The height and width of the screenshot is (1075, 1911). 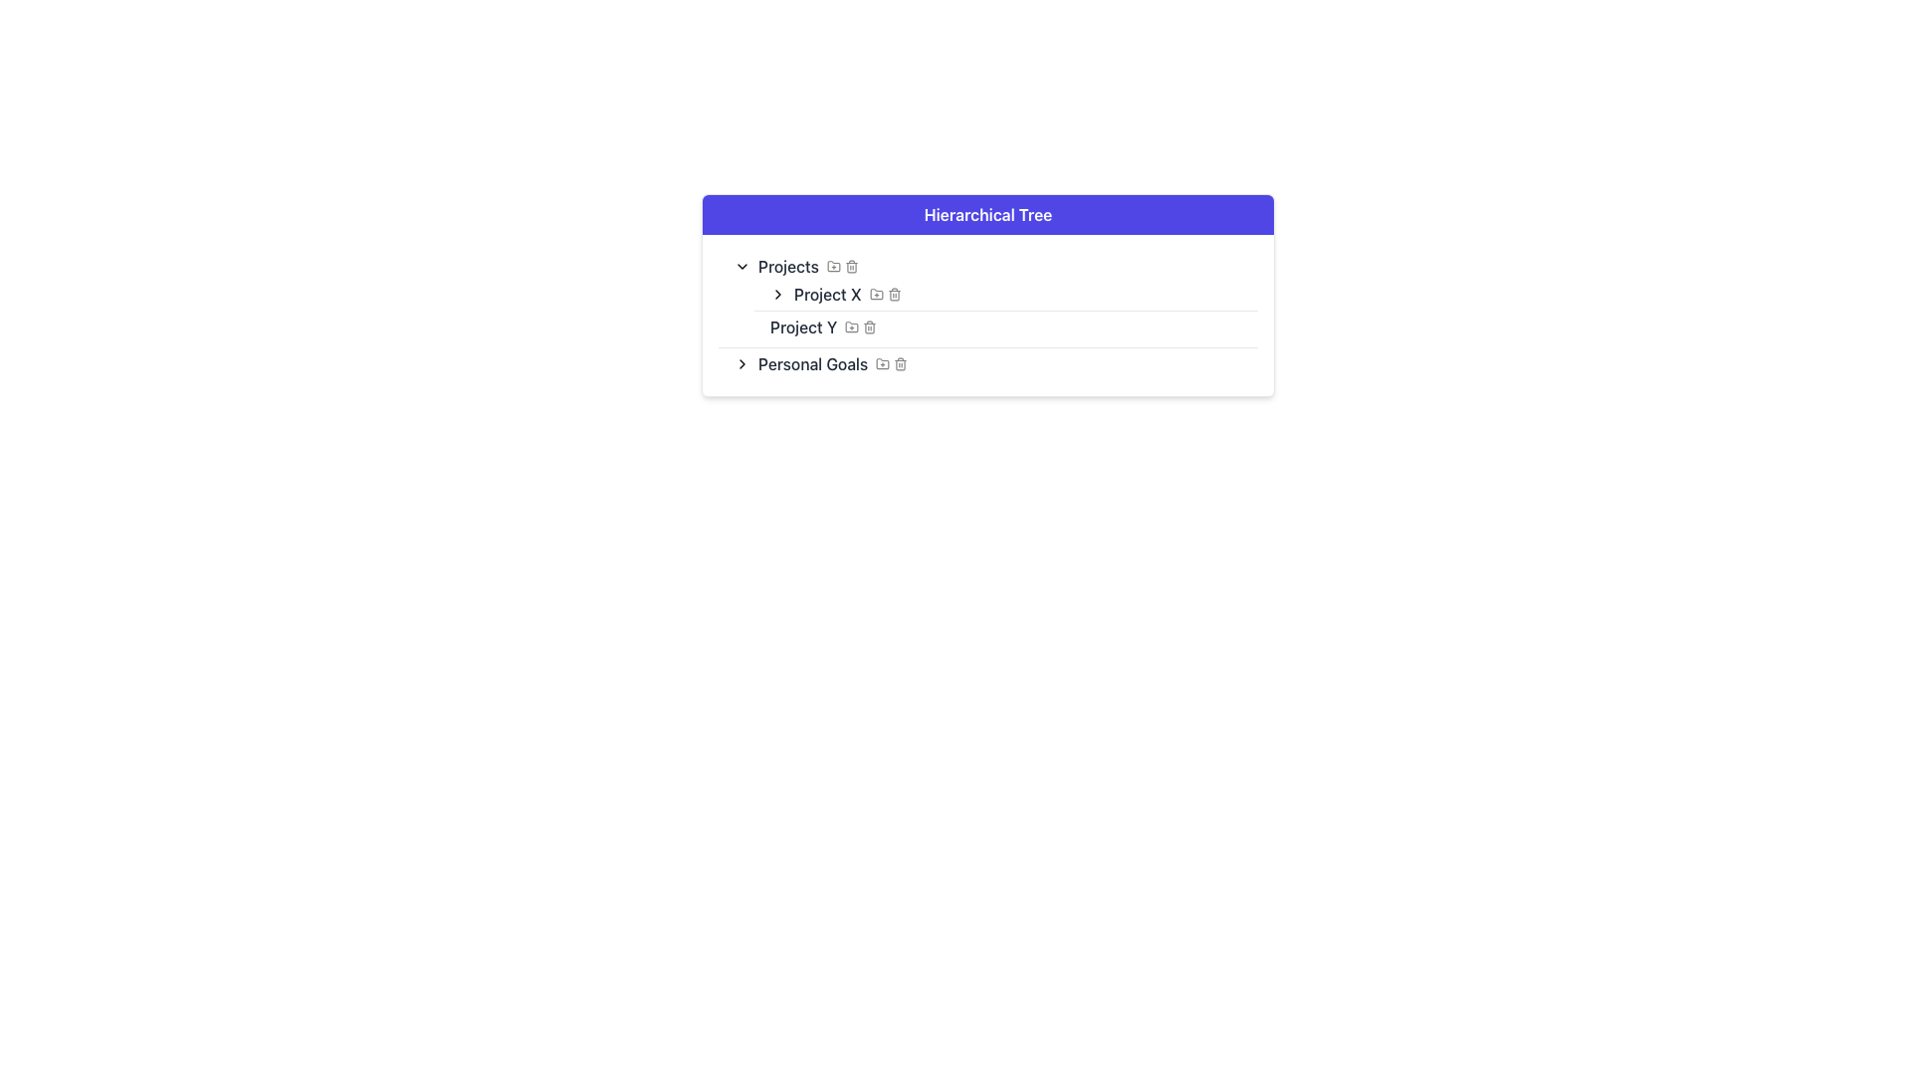 I want to click on the Icon group action buttons located directly to the right of the 'Project X' label in the hierarchical tree interface, so click(x=884, y=295).